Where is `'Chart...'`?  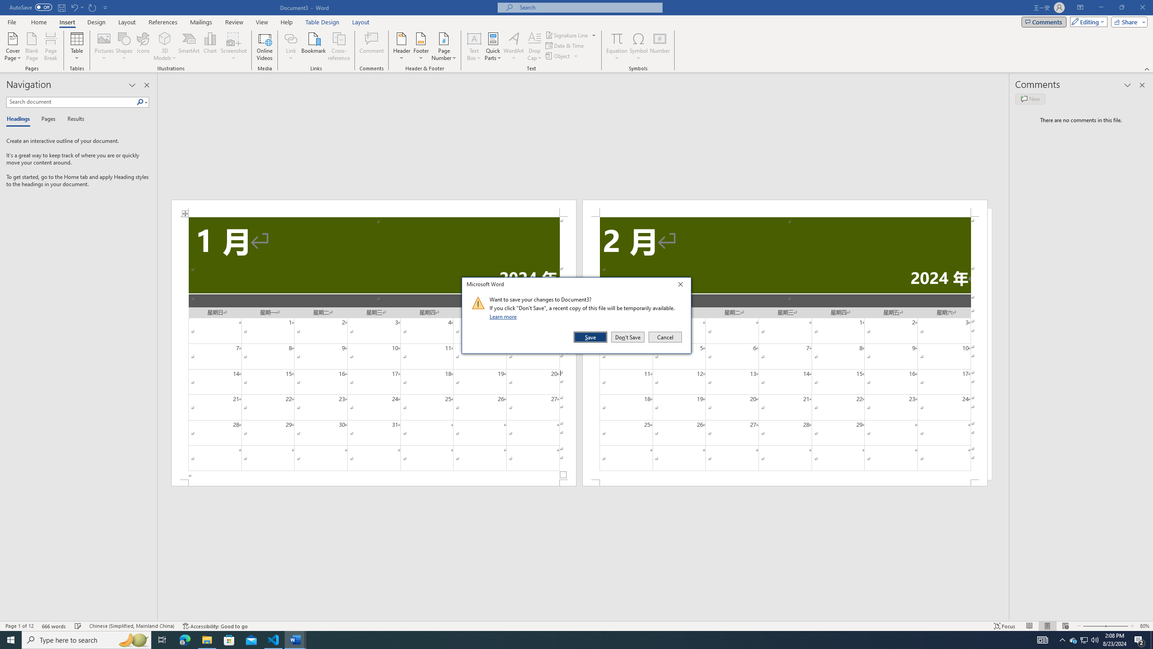 'Chart...' is located at coordinates (210, 46).